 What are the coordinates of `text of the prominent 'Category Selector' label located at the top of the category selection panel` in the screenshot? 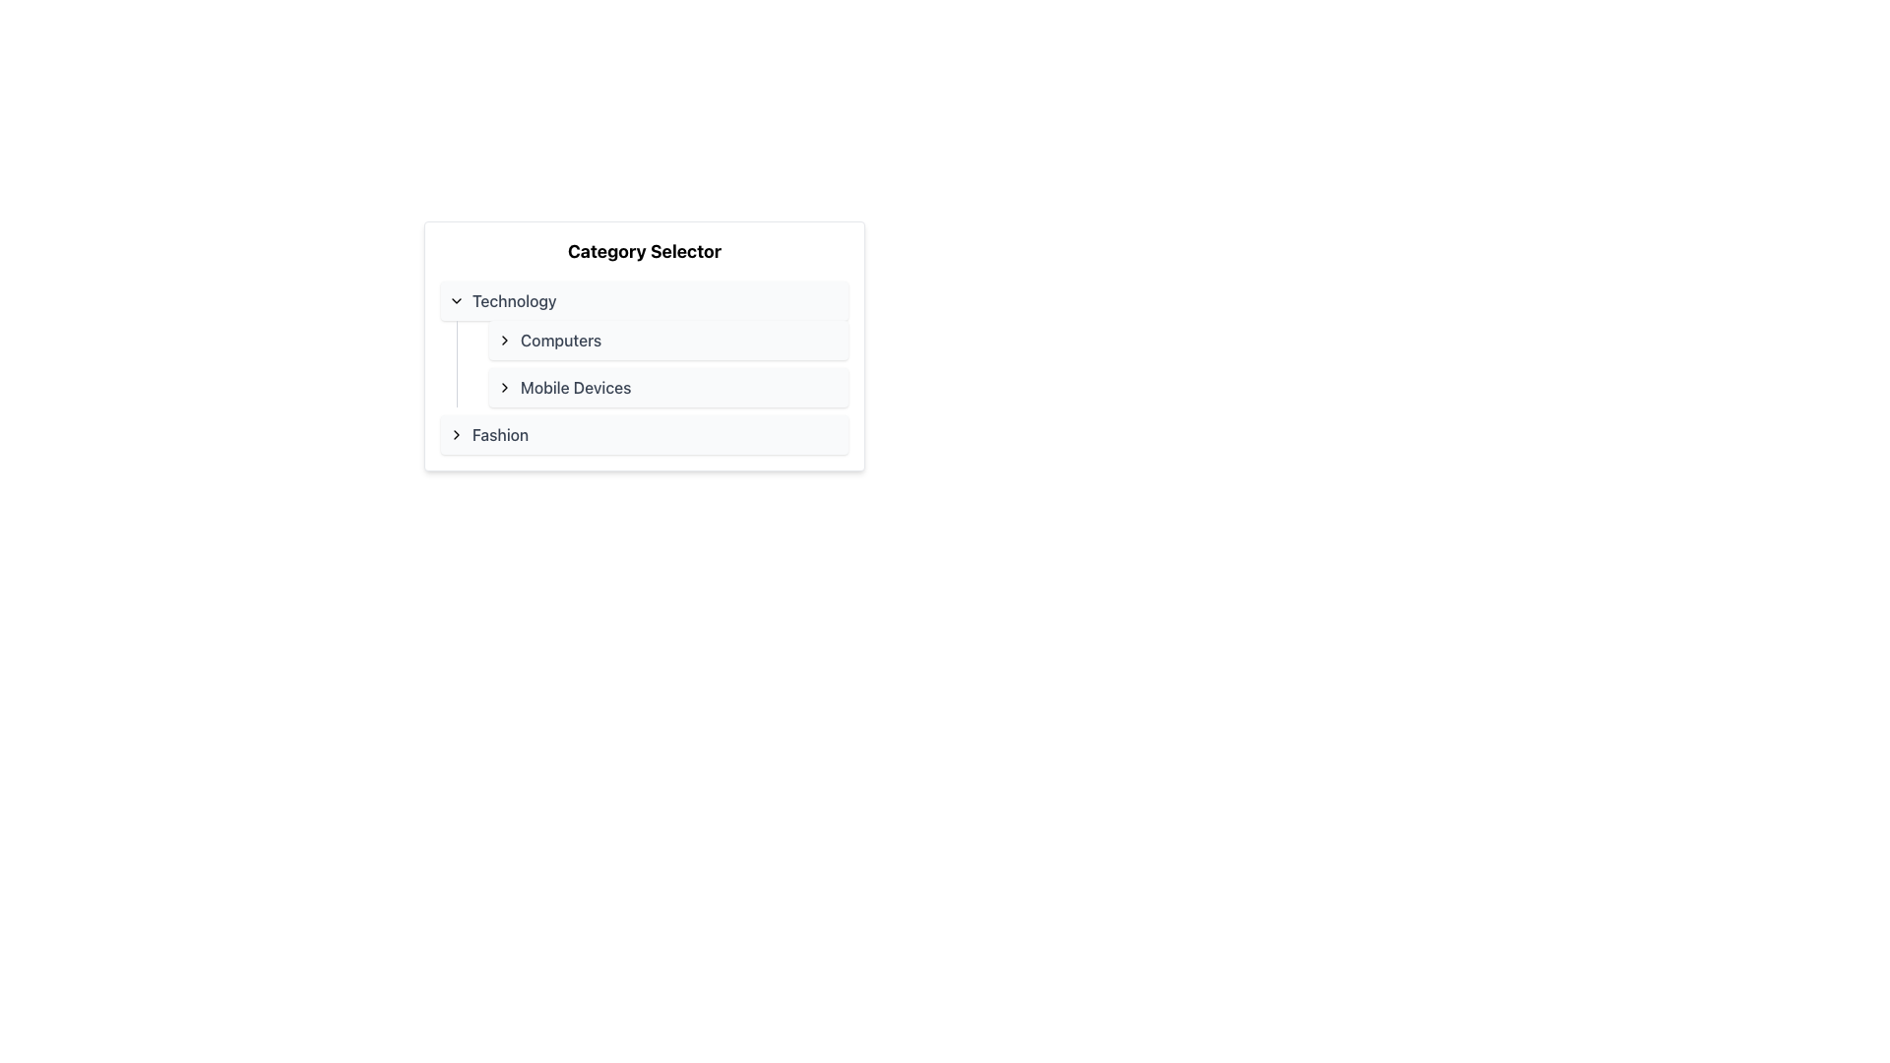 It's located at (644, 250).